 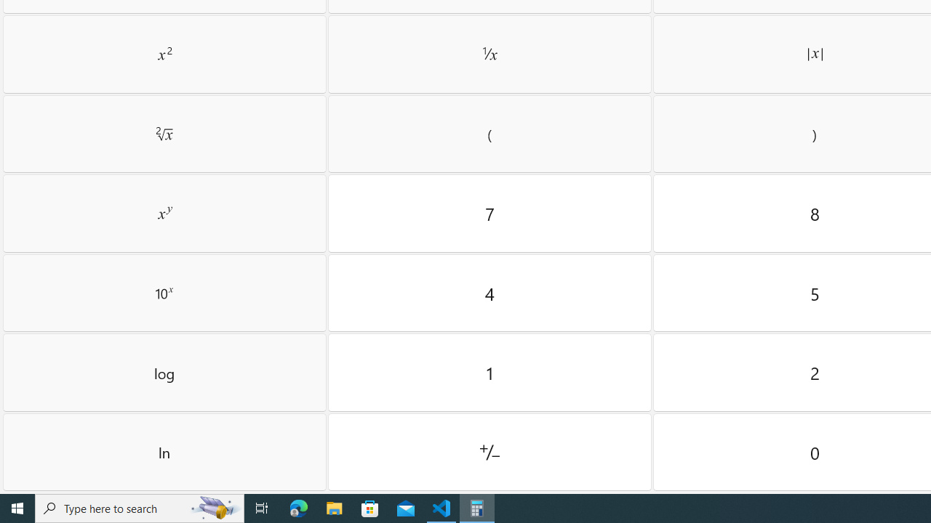 I want to click on 'Seven', so click(x=490, y=213).